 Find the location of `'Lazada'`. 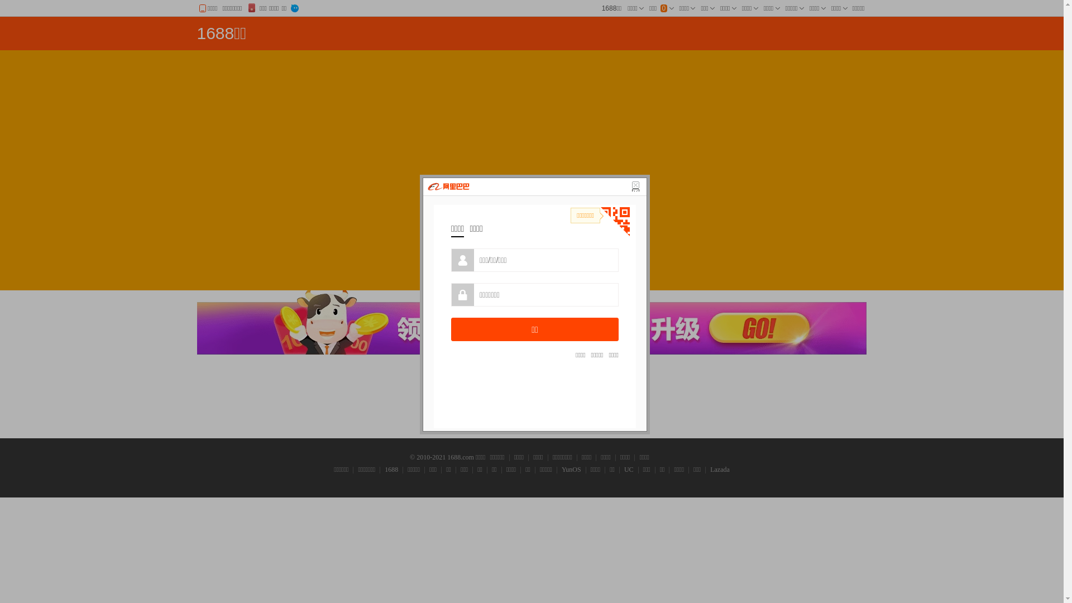

'Lazada' is located at coordinates (704, 470).